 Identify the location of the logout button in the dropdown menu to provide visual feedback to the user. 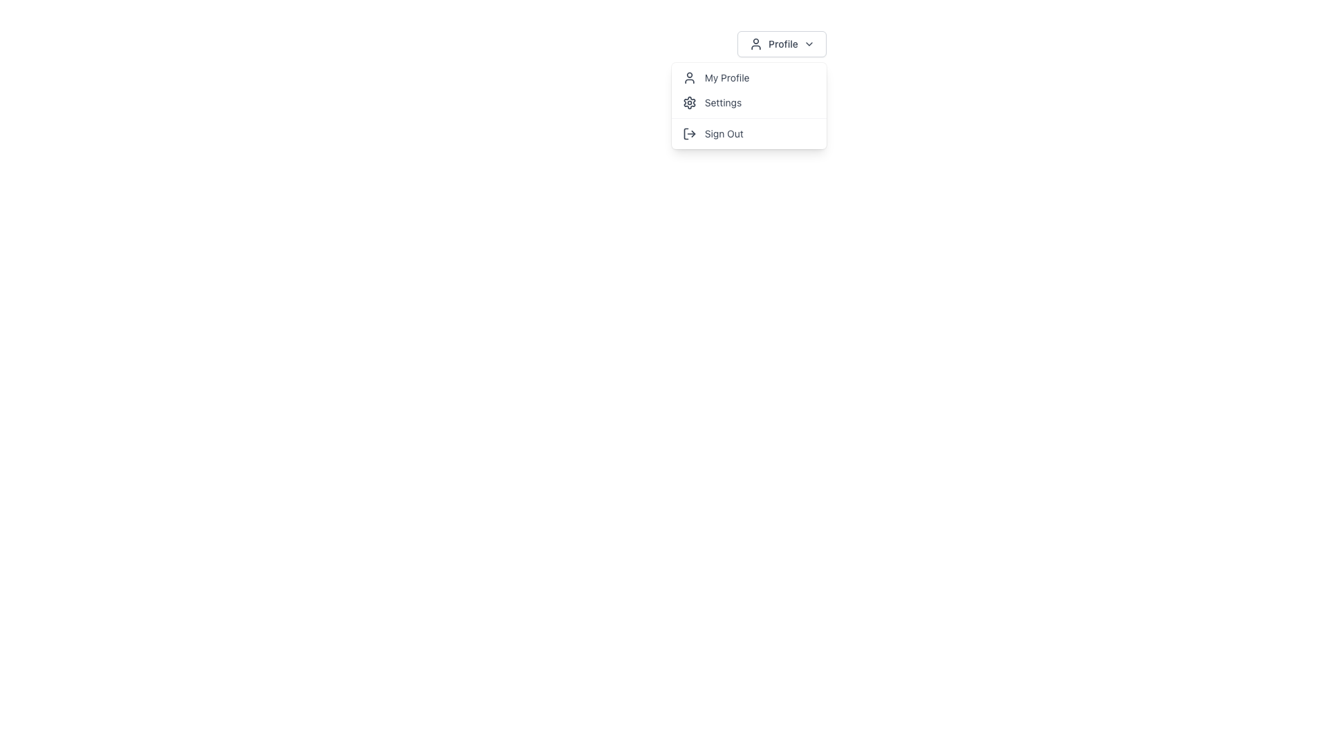
(748, 133).